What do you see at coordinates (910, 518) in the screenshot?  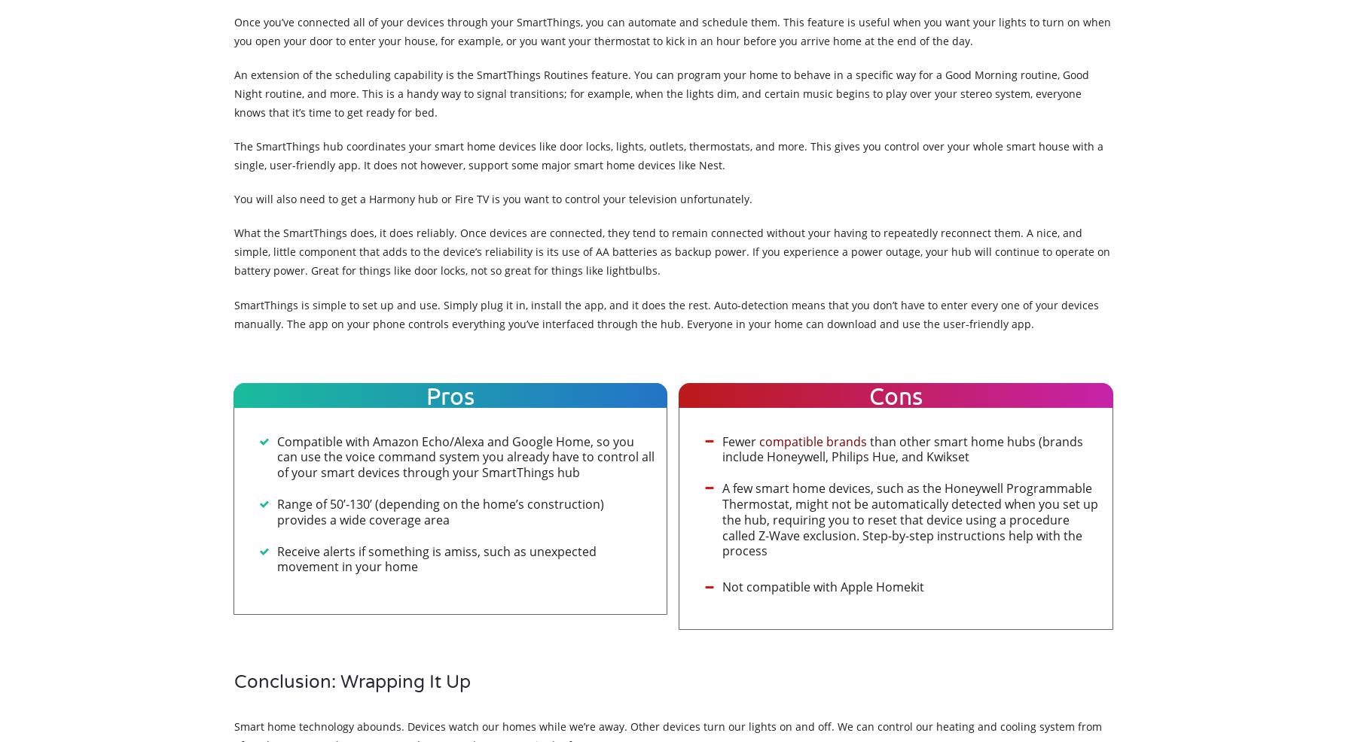 I see `'A few smart home devices, such as the Honeywell Programmable Thermostat, might not be automatically detected when you set up the hub, requiring you to reset that device using a procedure called Z-Wave exclusion. Step-by-step instructions help with the process'` at bounding box center [910, 518].